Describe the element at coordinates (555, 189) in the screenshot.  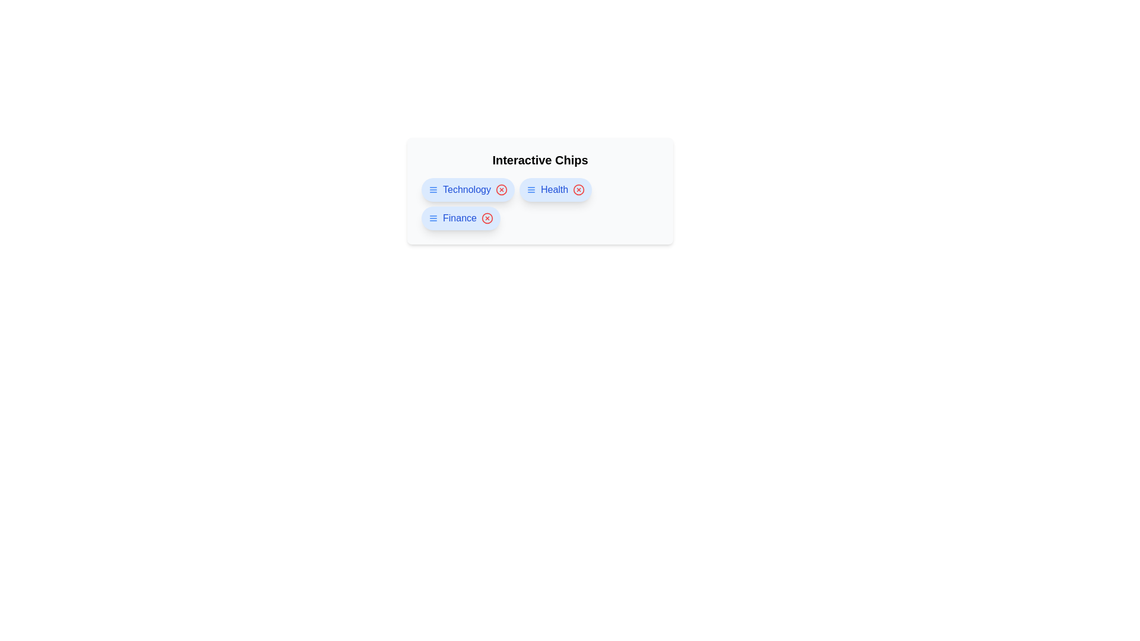
I see `the chip labeled Health` at that location.